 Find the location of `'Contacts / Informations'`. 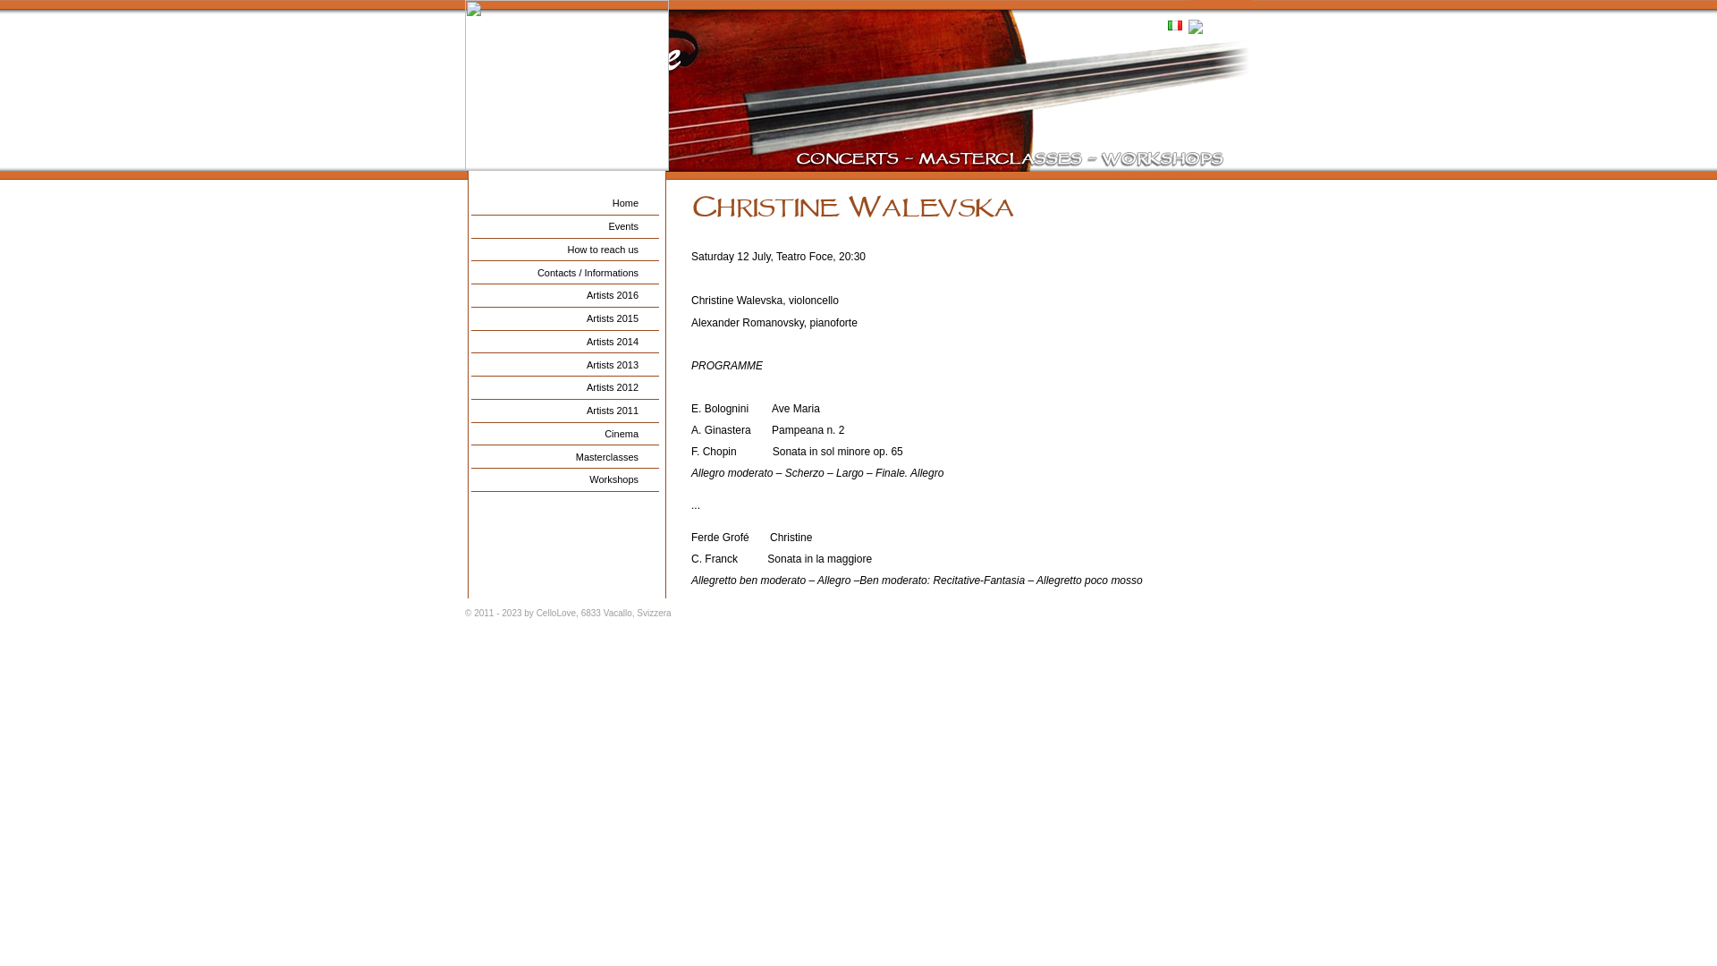

'Contacts / Informations' is located at coordinates (564, 272).